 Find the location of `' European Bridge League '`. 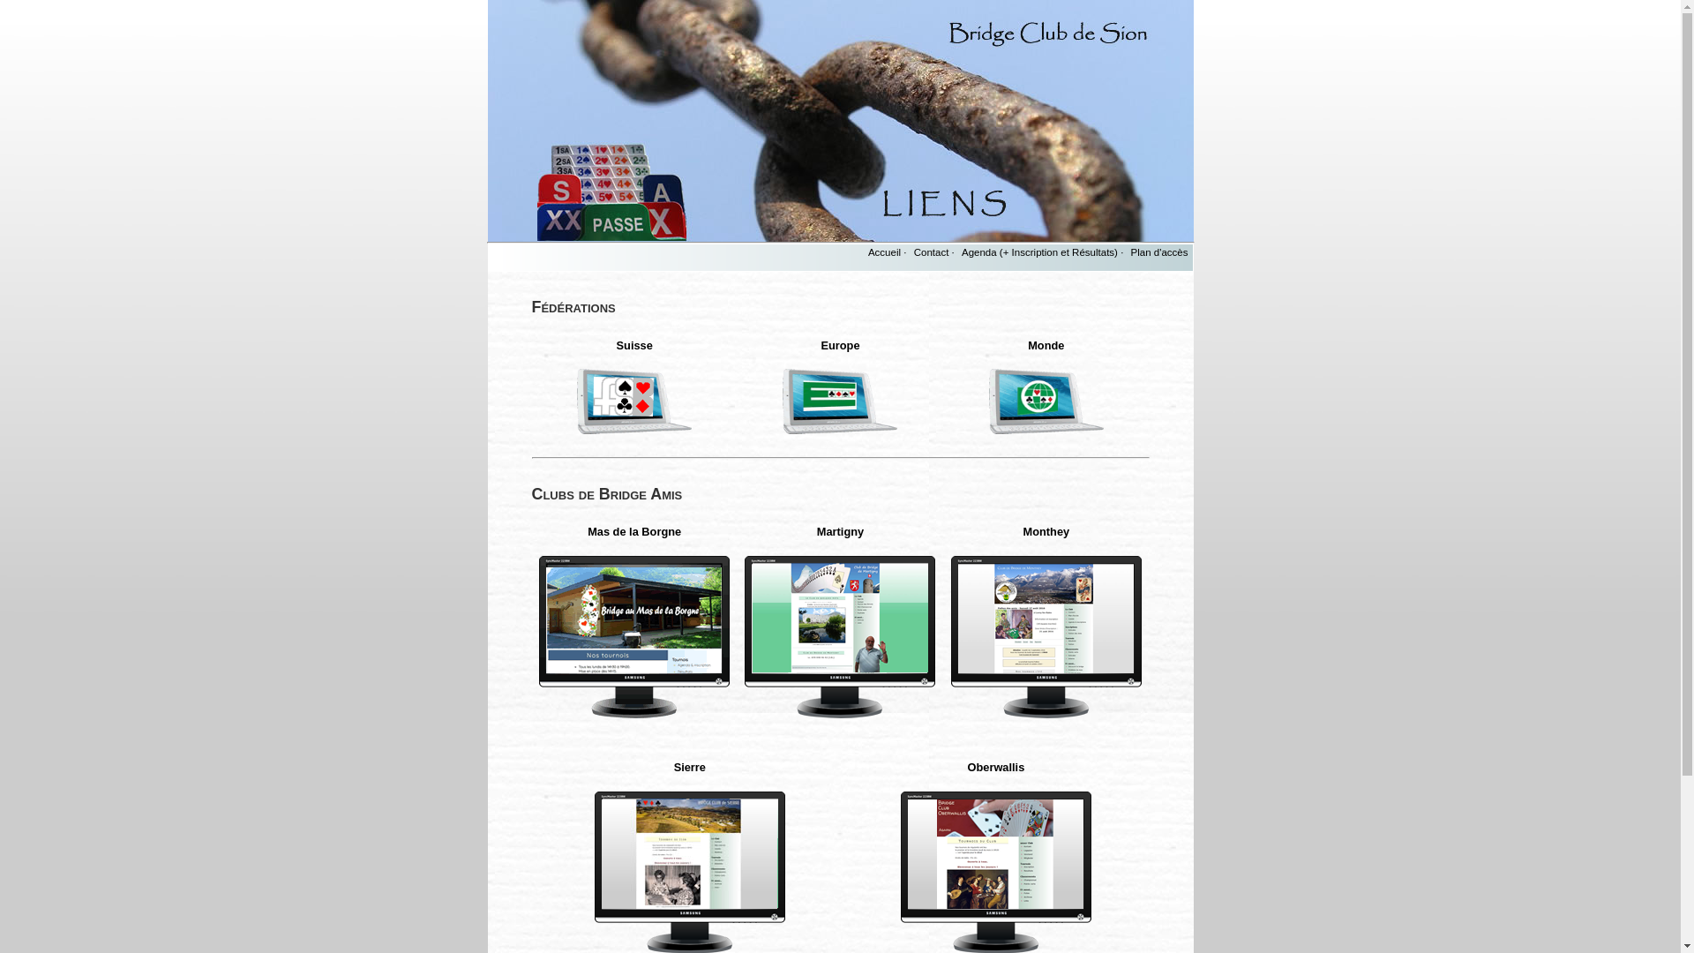

' European Bridge League ' is located at coordinates (782, 401).